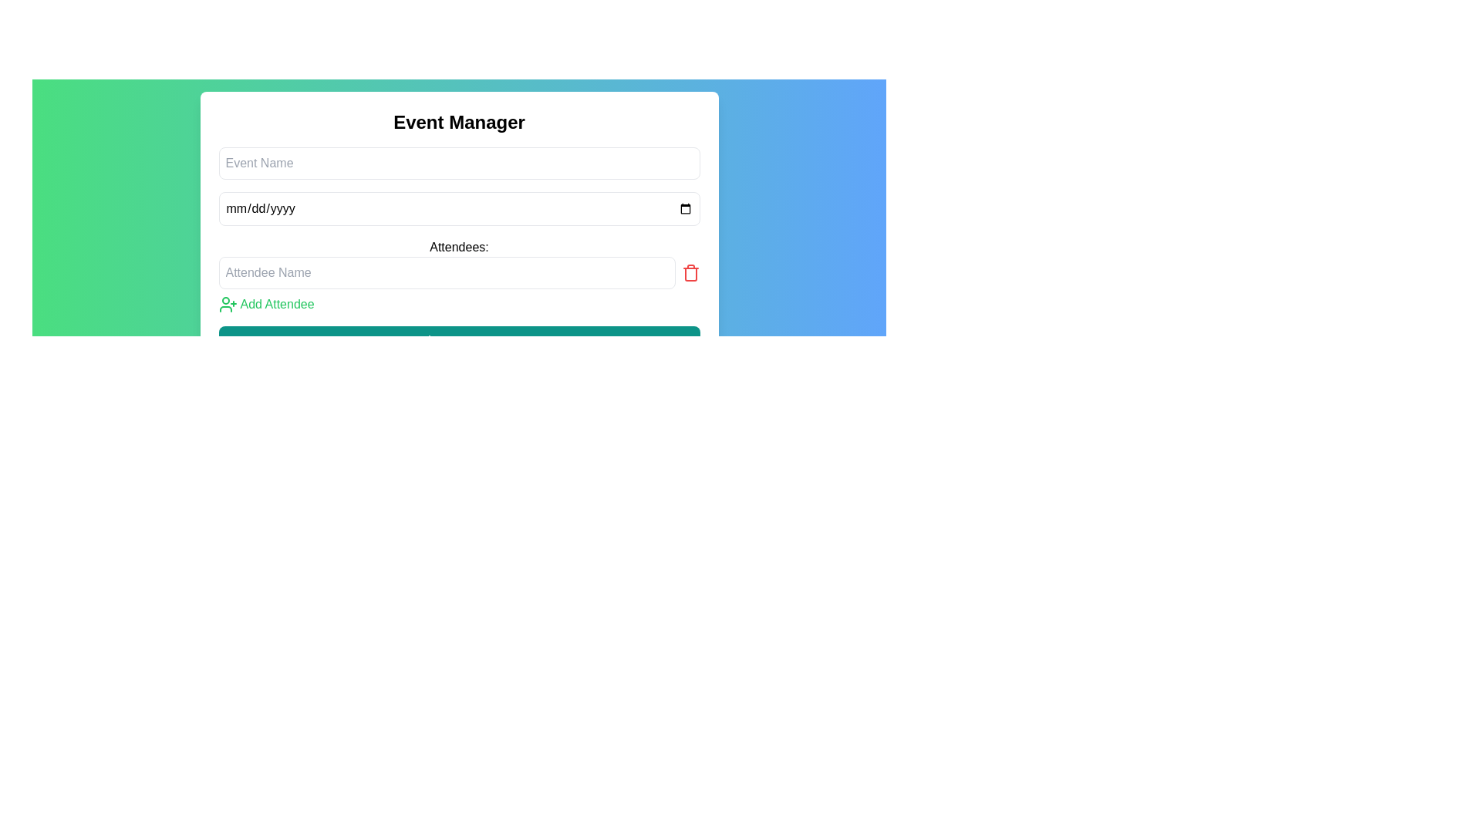  Describe the element at coordinates (266, 304) in the screenshot. I see `the green button at the bottom of the 'Attendees:' section` at that location.